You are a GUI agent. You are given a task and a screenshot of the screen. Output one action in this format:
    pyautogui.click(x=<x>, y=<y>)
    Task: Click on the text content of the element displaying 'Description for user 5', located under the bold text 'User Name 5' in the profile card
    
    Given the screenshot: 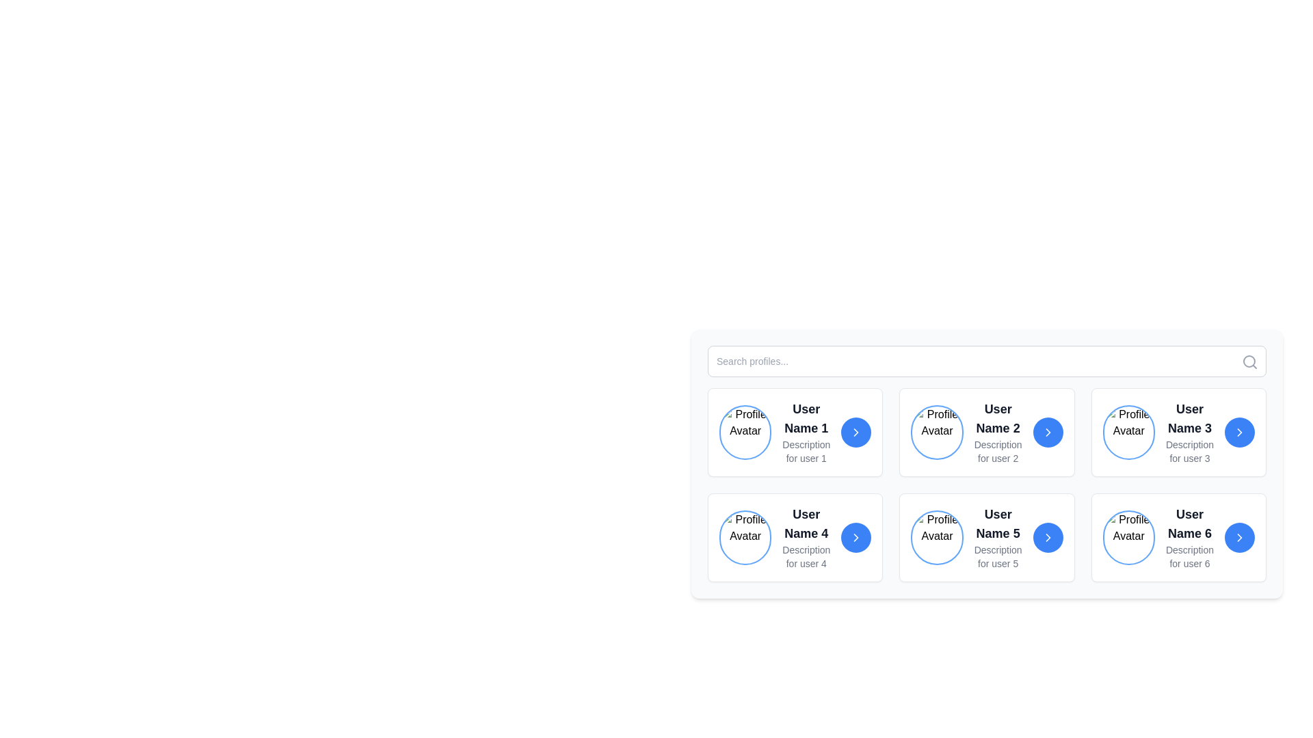 What is the action you would take?
    pyautogui.click(x=998, y=556)
    